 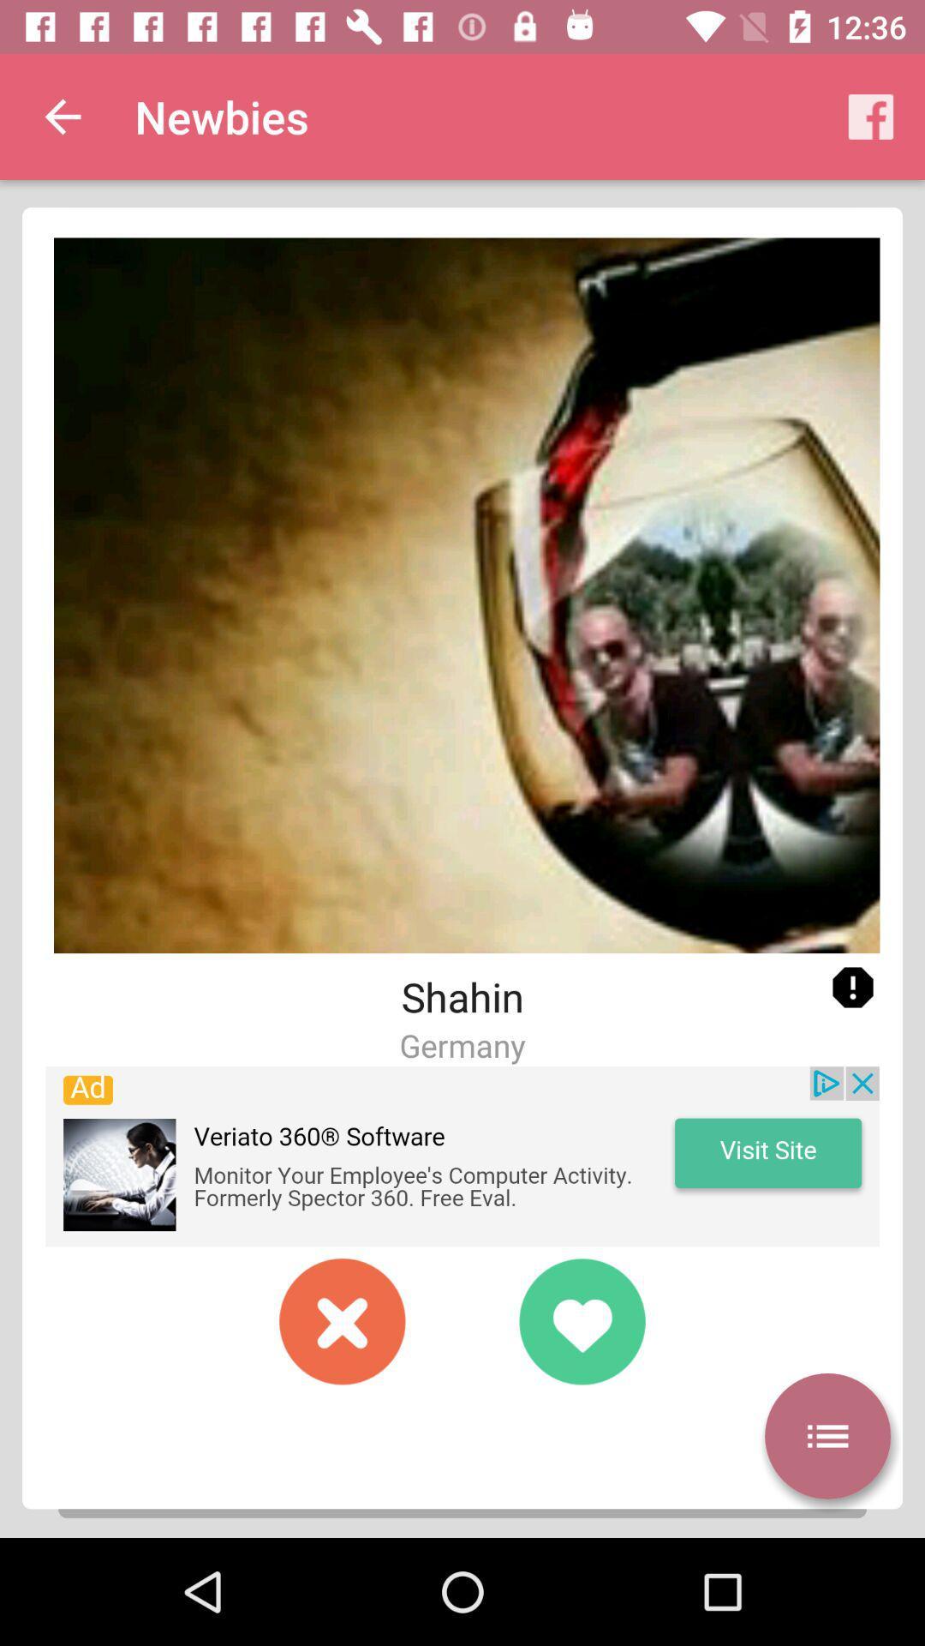 What do you see at coordinates (343, 1320) in the screenshot?
I see `click x button` at bounding box center [343, 1320].